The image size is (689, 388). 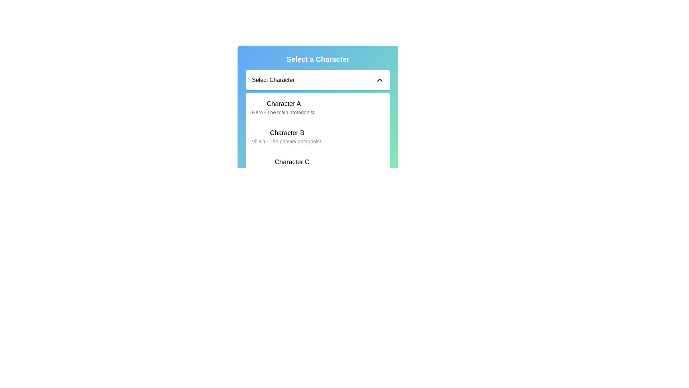 What do you see at coordinates (318, 136) in the screenshot?
I see `the second list item containing 'Character B' and its description 'Villain - The primary antagonist.'` at bounding box center [318, 136].